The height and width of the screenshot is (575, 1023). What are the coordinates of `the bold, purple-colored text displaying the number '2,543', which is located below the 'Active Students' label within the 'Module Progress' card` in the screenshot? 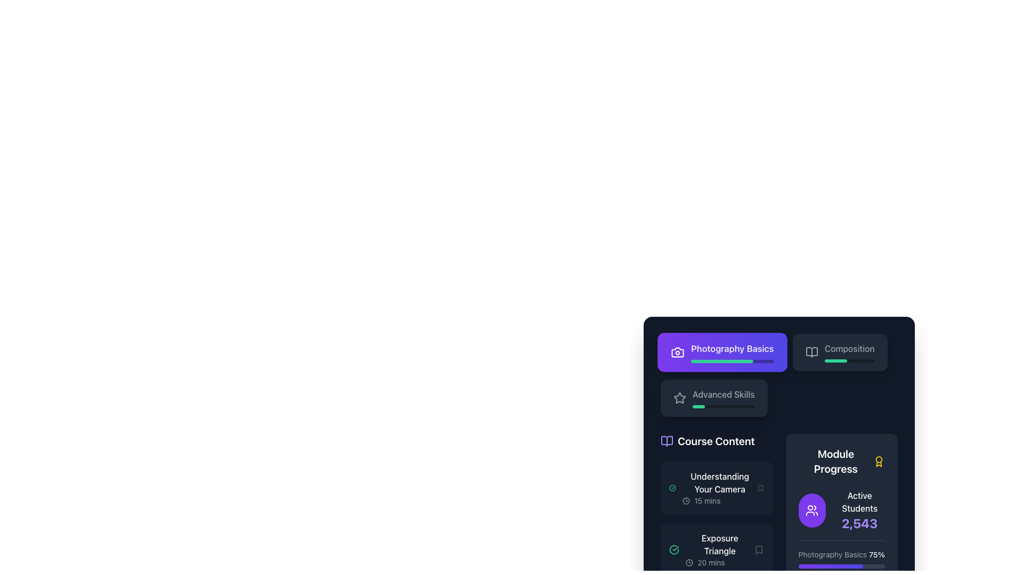 It's located at (859, 523).